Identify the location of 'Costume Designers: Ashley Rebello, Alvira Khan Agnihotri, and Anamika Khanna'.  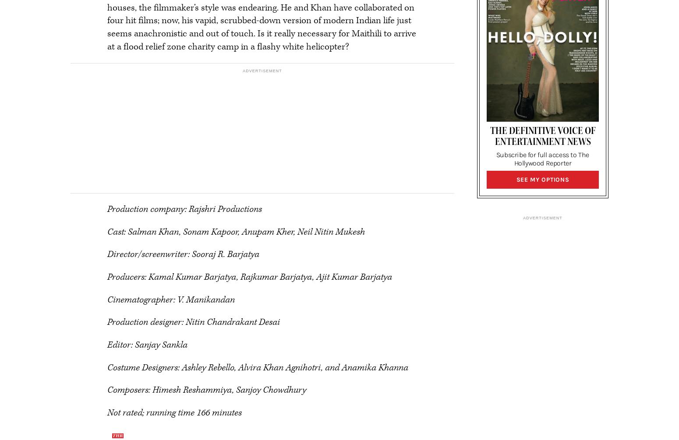
(258, 367).